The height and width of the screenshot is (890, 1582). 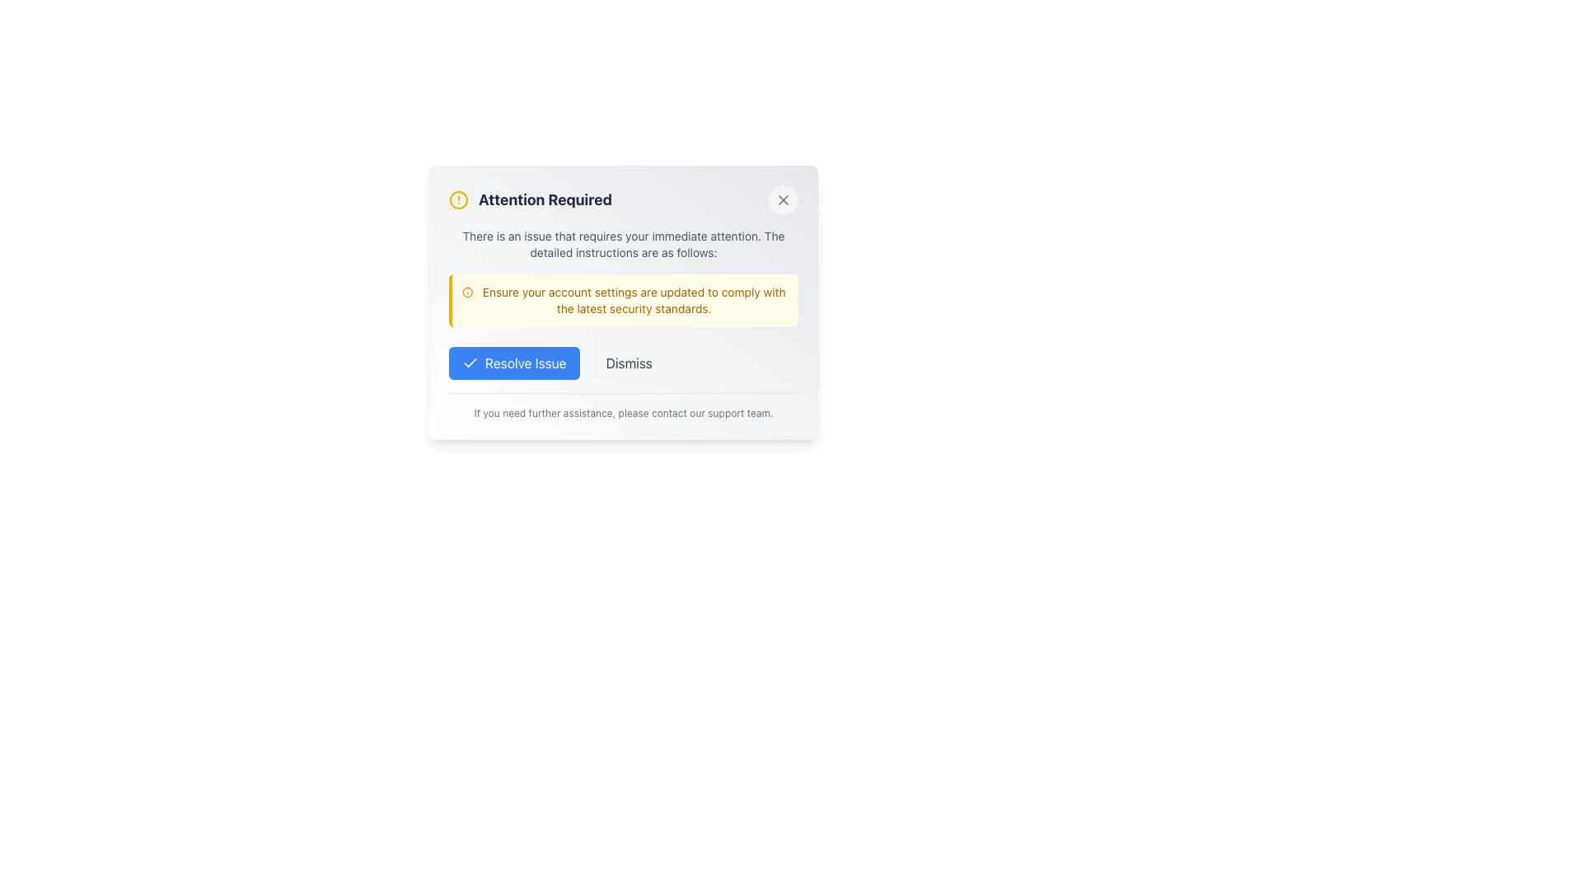 I want to click on the informational text at the bottom of the notification card that reads 'If you need further assistance, please contact our support team.', so click(x=623, y=406).